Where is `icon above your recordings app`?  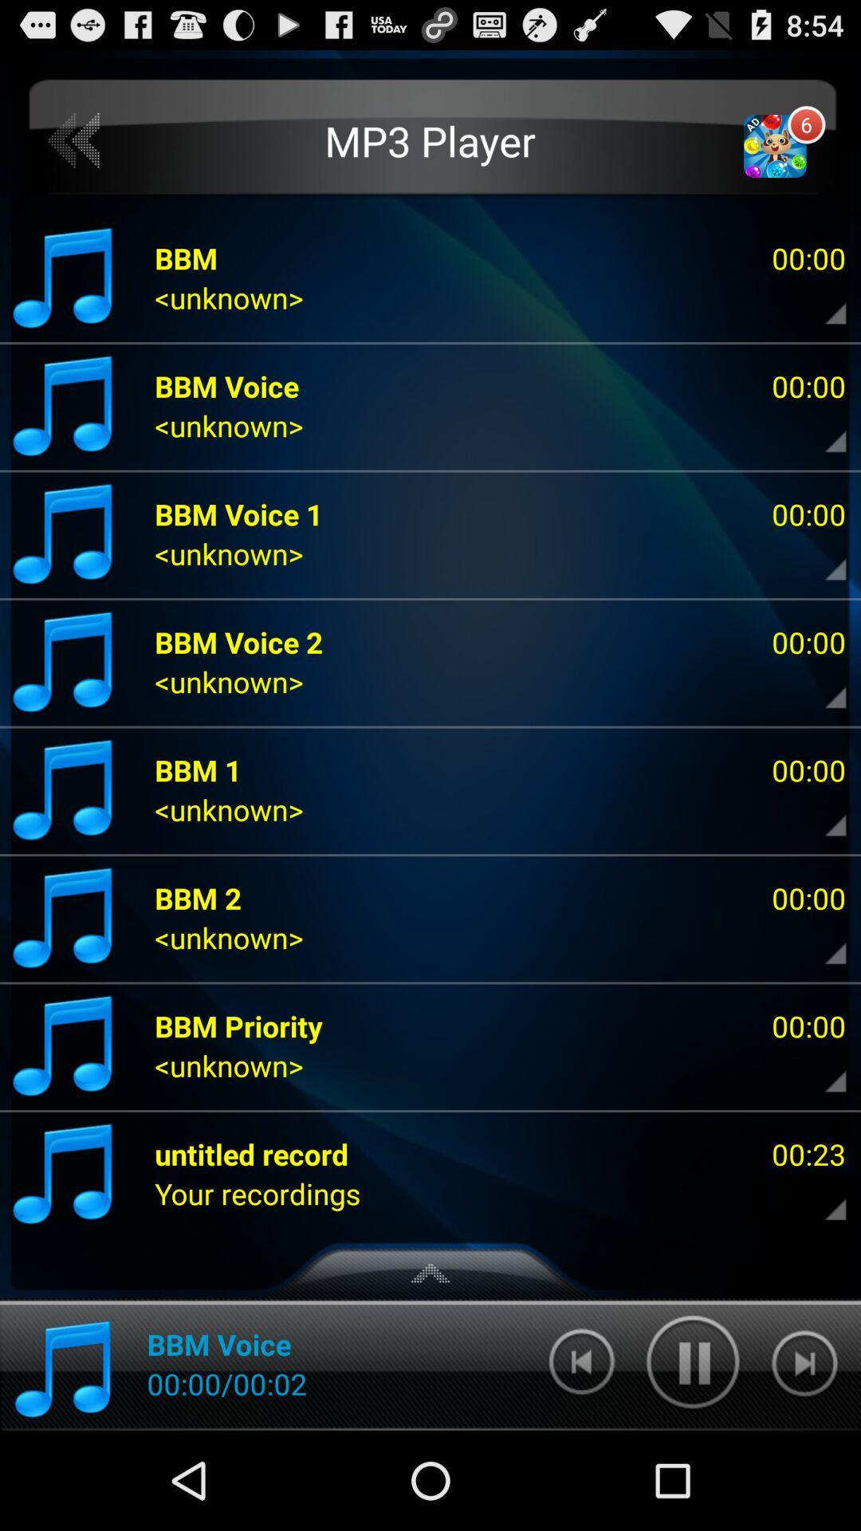
icon above your recordings app is located at coordinates (251, 1154).